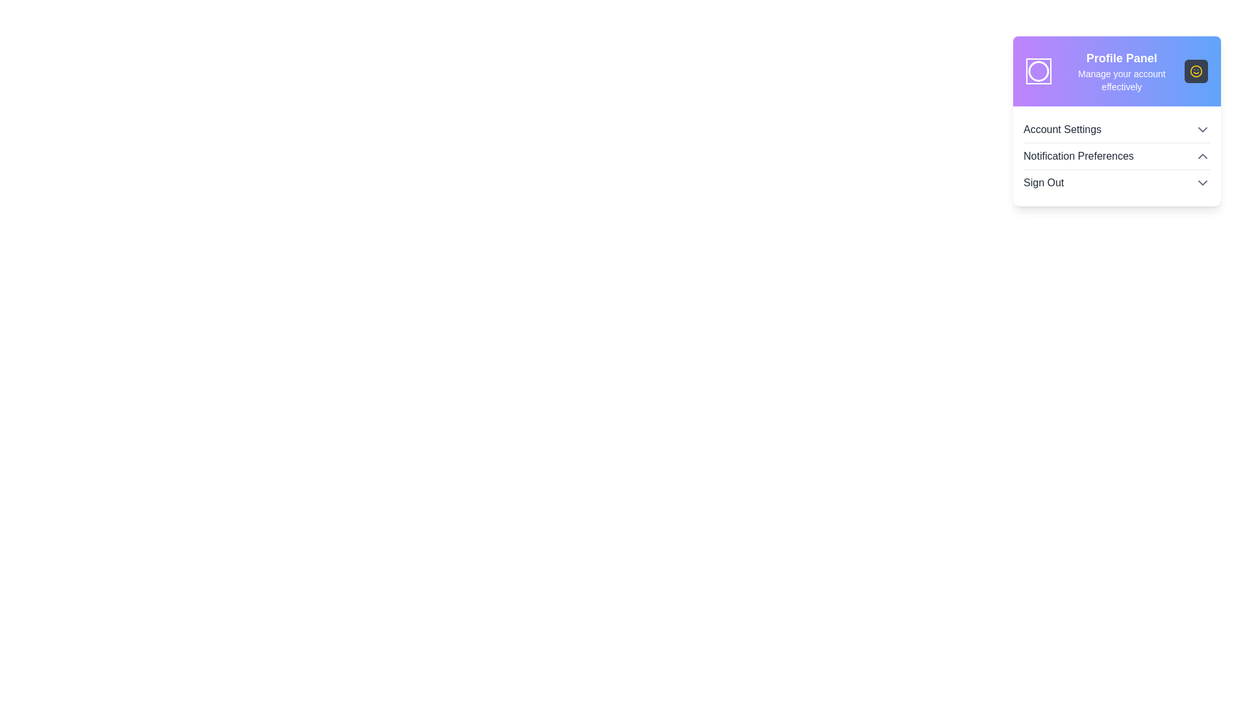 The height and width of the screenshot is (701, 1247). Describe the element at coordinates (1196, 71) in the screenshot. I see `the outermost circular component of the SVG circle located to the right side of the panel header` at that location.